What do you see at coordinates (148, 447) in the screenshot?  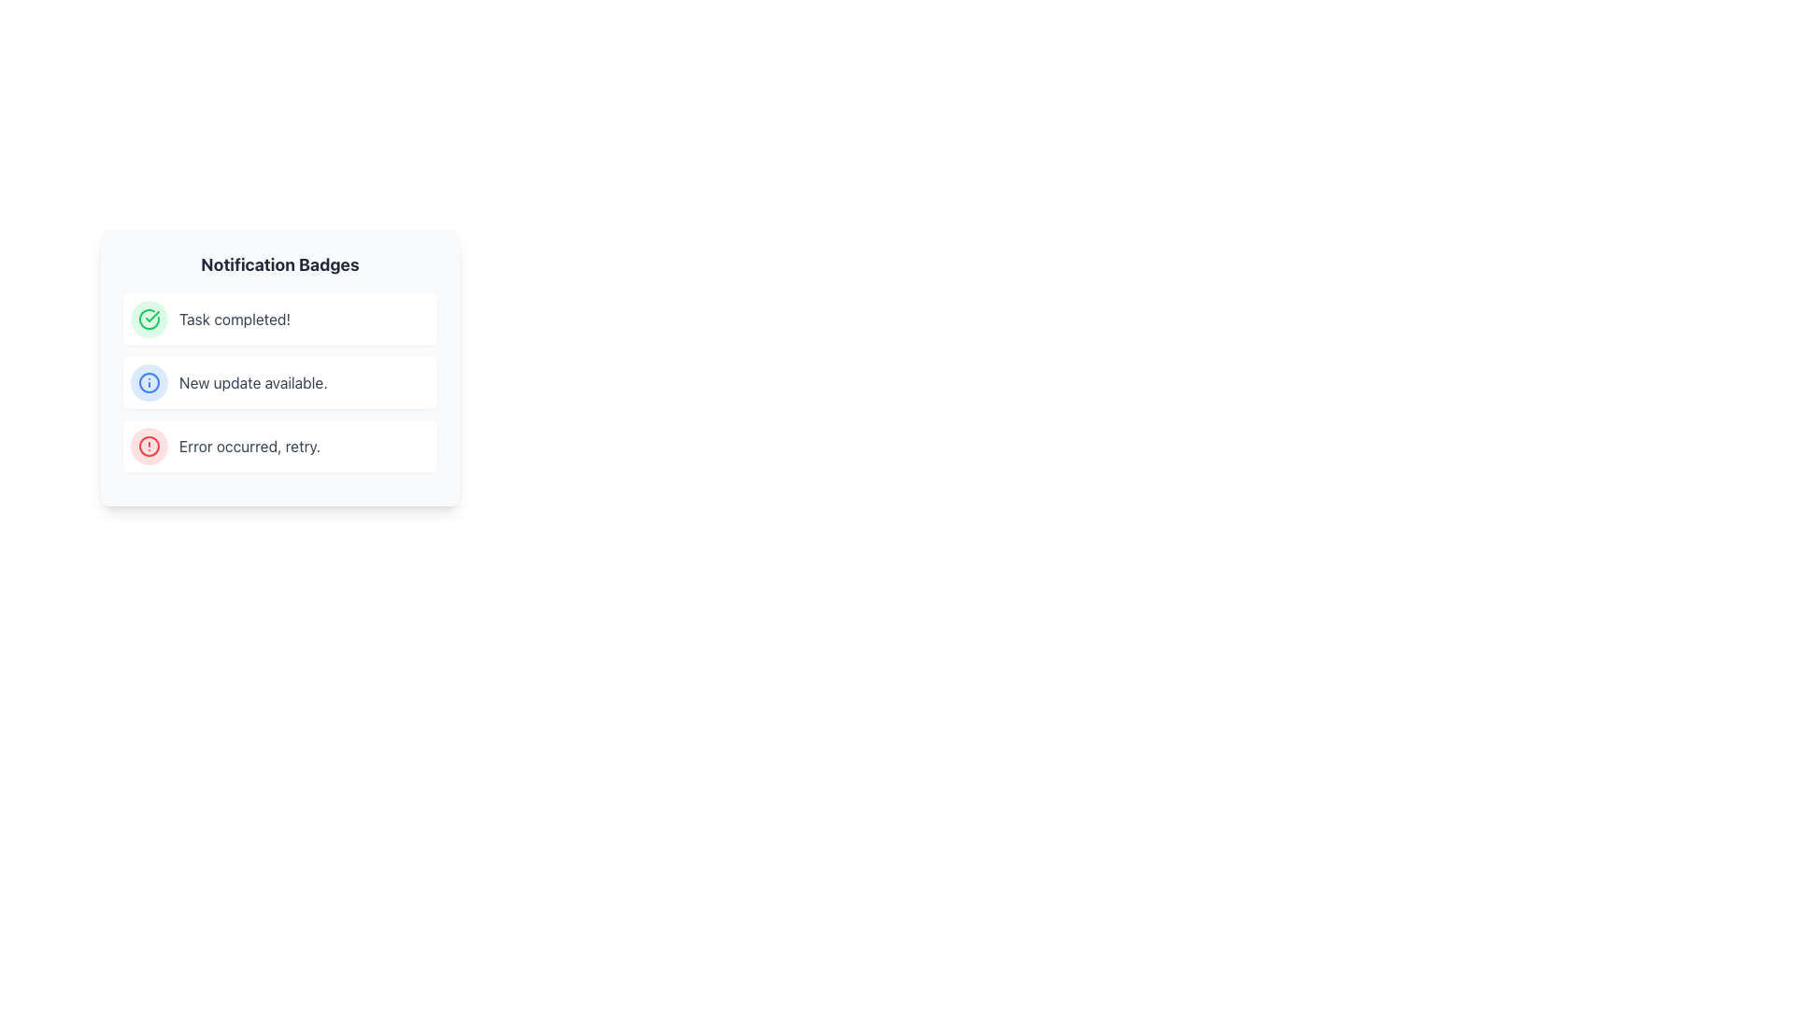 I see `the circular graphical icon with a red stroke and white fill, which is the third notification item in the list, positioned to the left of the text 'Error occurred, retry.'` at bounding box center [148, 447].